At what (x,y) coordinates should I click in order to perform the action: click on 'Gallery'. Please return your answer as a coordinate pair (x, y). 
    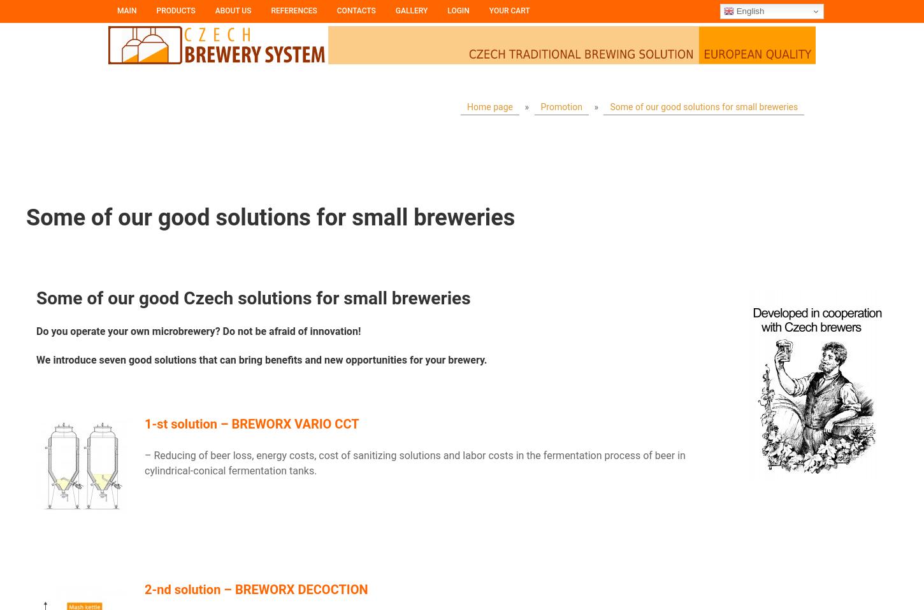
    Looking at the image, I should click on (410, 10).